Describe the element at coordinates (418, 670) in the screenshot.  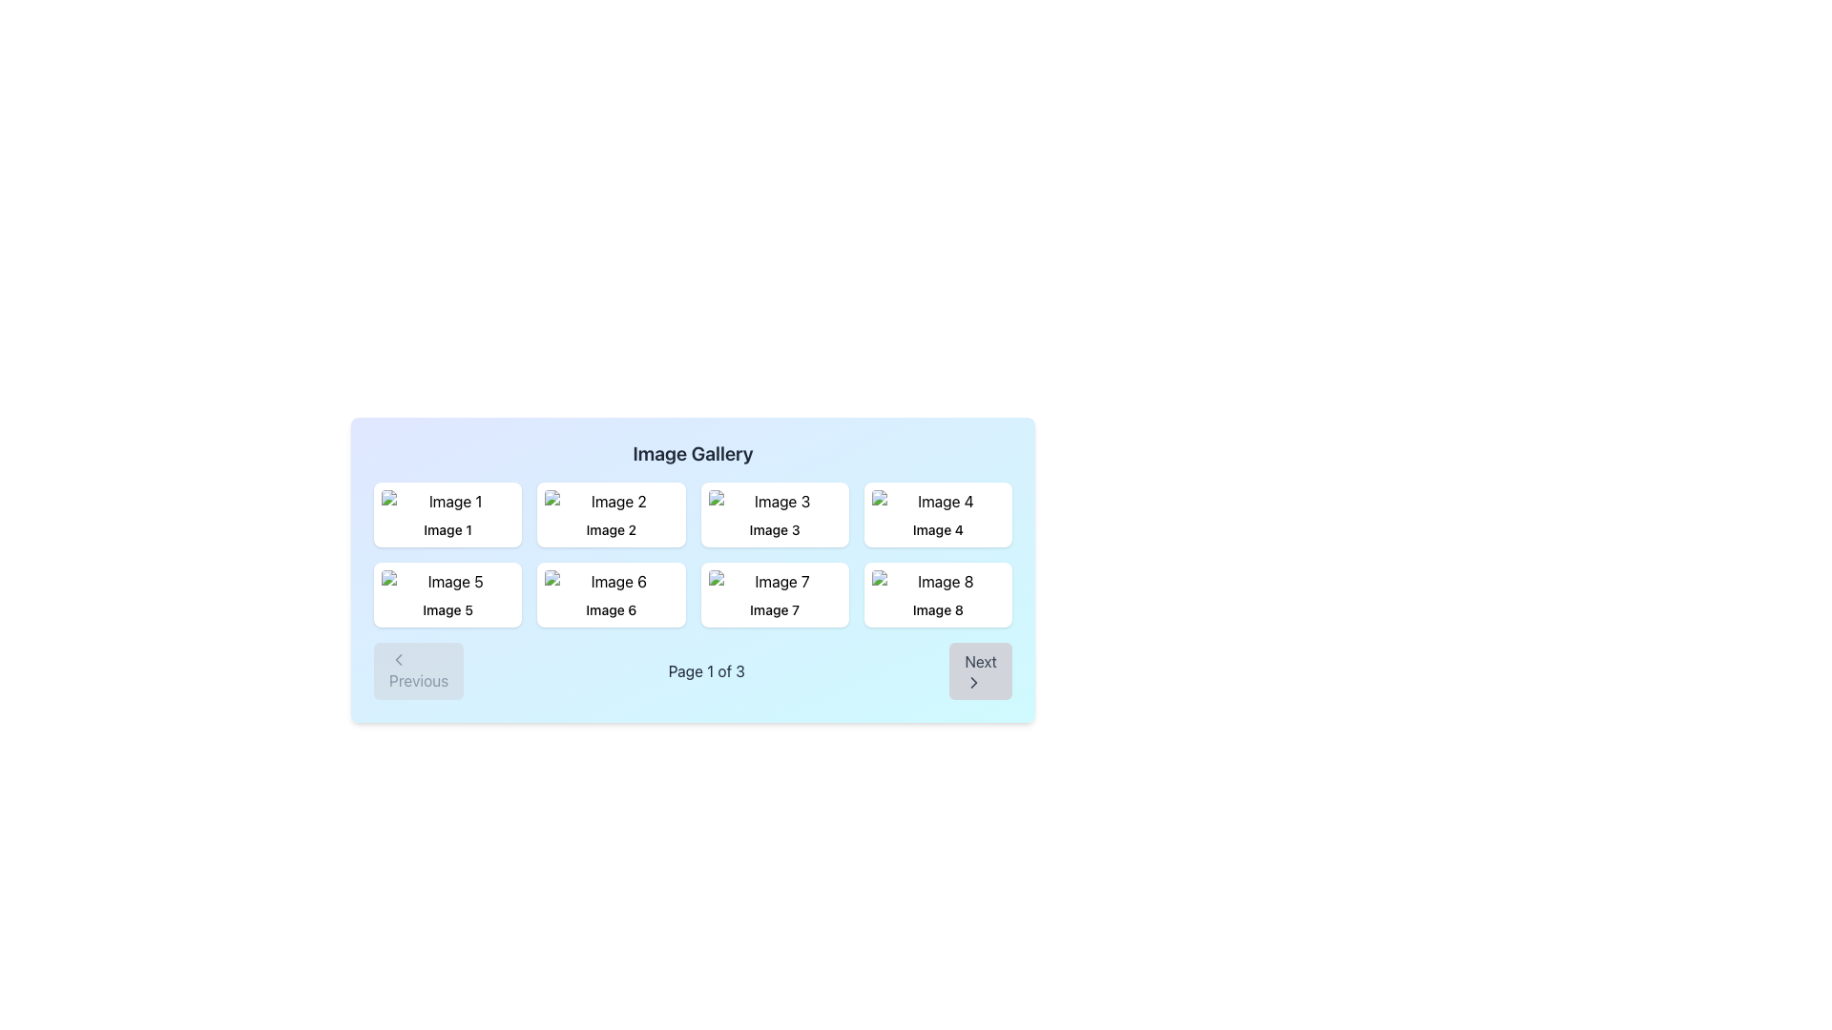
I see `the 'Previous' button, which is a disabled pagination control element with a light gray background and left-pointing arrow icon` at that location.